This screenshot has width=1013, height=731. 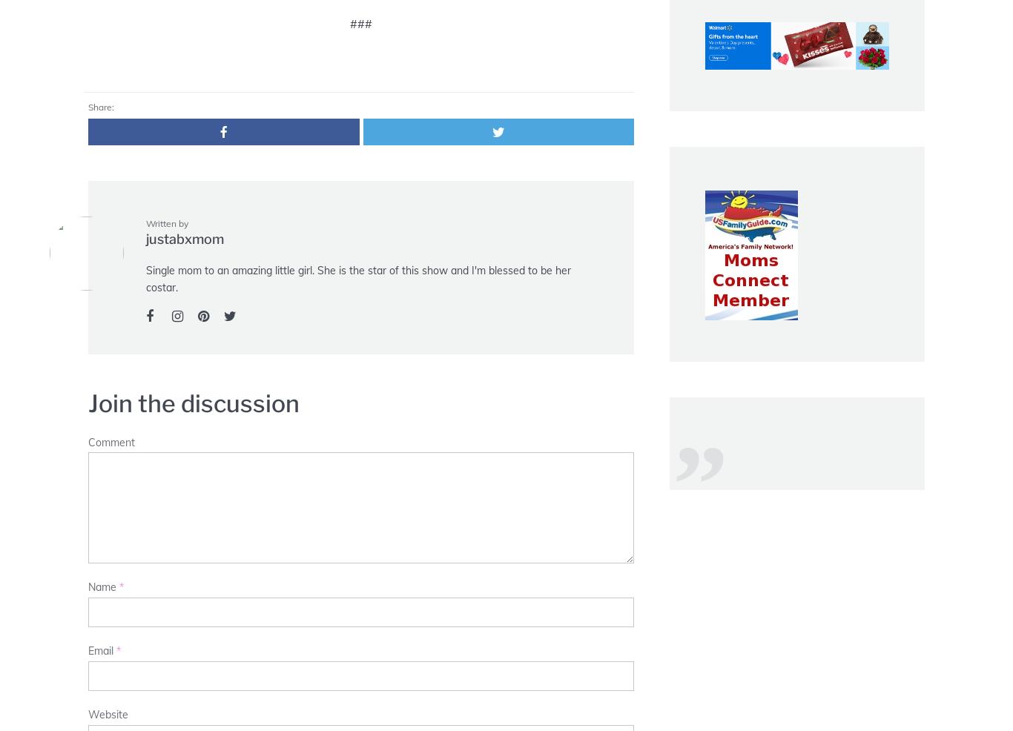 What do you see at coordinates (110, 442) in the screenshot?
I see `'Comment'` at bounding box center [110, 442].